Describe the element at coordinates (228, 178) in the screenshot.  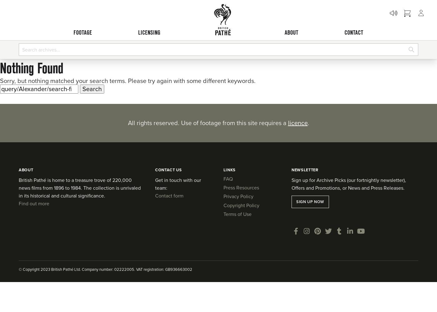
I see `'FAQ'` at that location.